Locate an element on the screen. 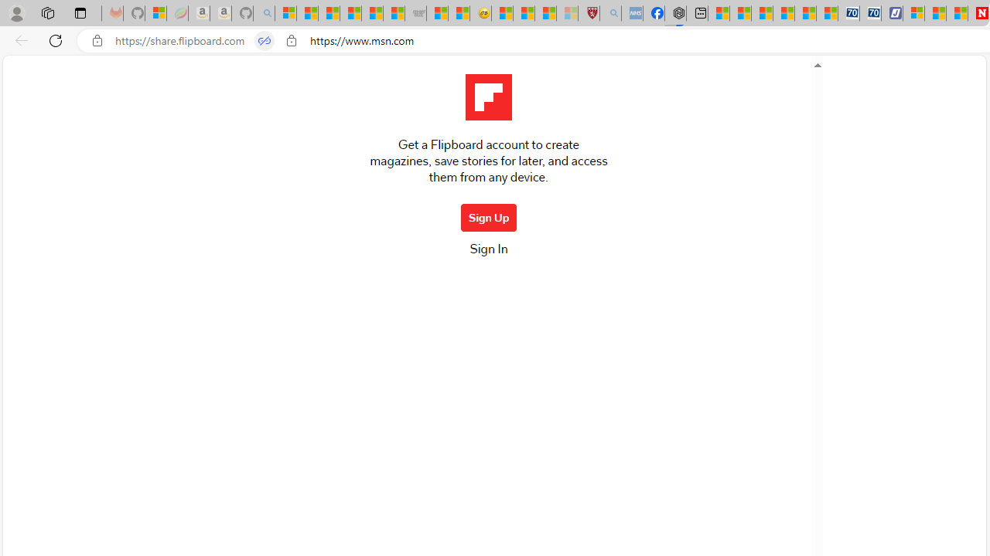 Image resolution: width=990 pixels, height=556 pixels. 'Cheap Car Rentals - Save70.com' is located at coordinates (848, 13).